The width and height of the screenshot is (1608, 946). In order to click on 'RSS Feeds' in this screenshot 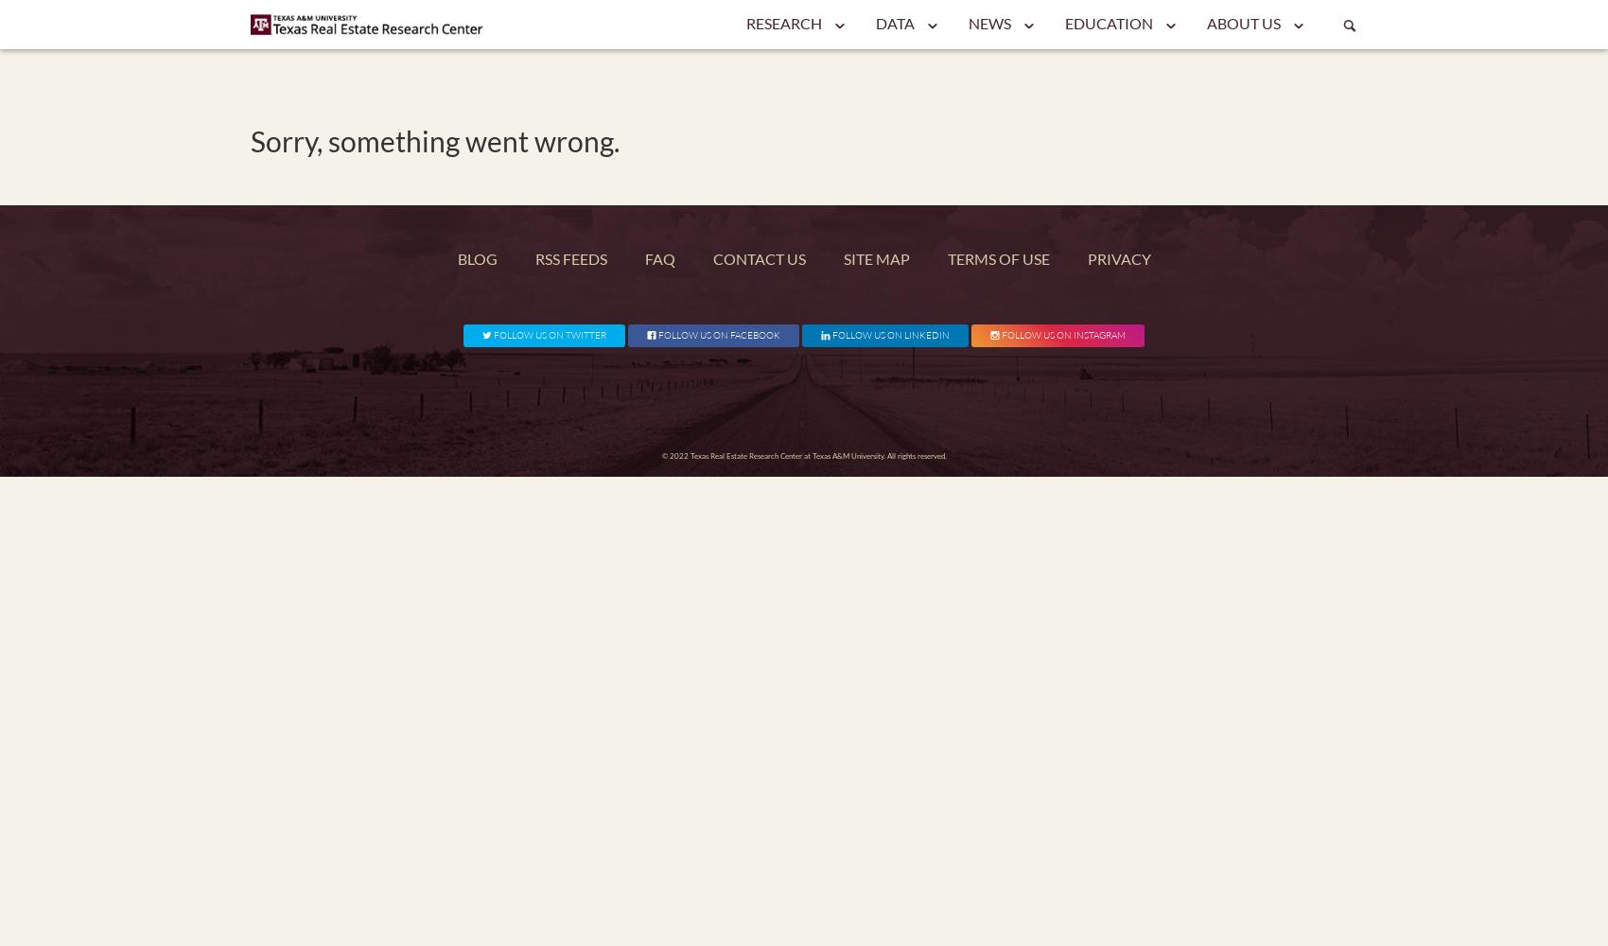, I will do `click(568, 258)`.